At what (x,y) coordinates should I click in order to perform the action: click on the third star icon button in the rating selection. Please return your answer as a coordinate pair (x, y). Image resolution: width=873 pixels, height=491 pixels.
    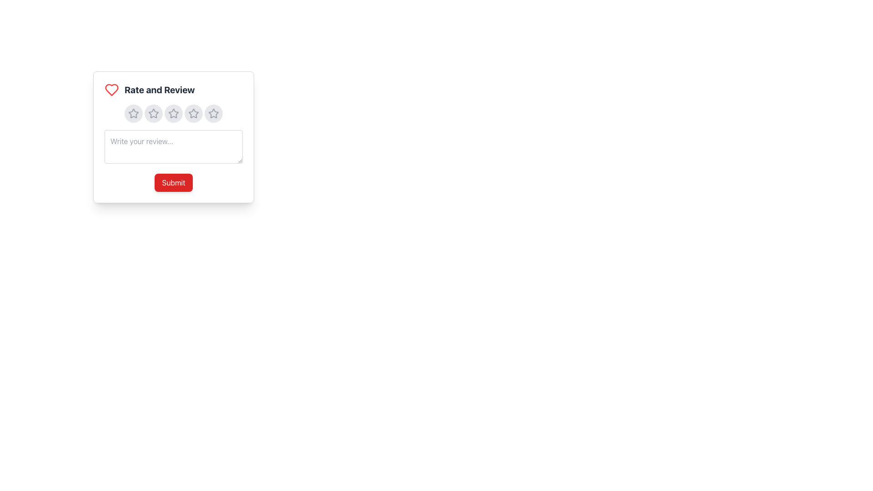
    Looking at the image, I should click on (174, 113).